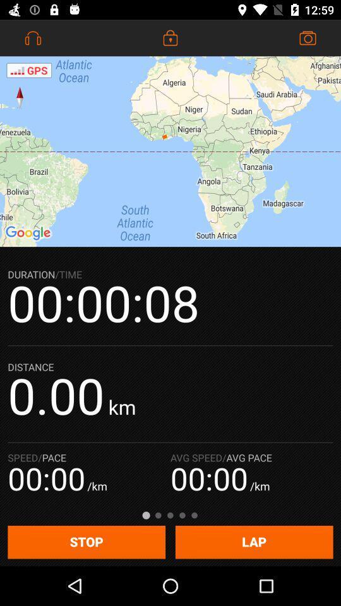  What do you see at coordinates (254, 542) in the screenshot?
I see `the lap option` at bounding box center [254, 542].